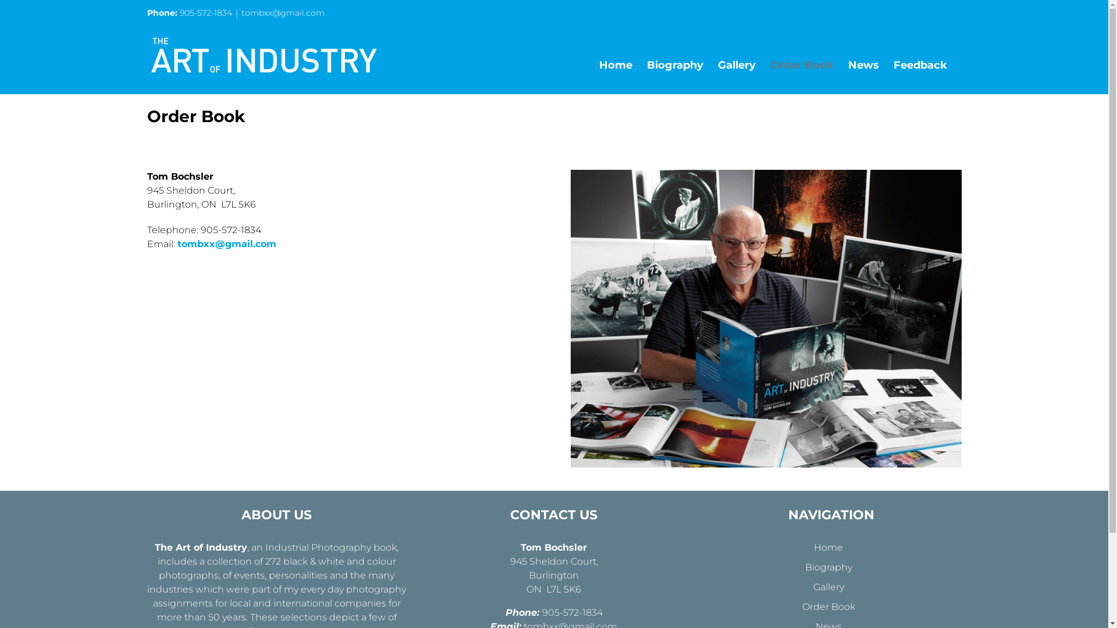 The width and height of the screenshot is (1117, 628). Describe the element at coordinates (801, 65) in the screenshot. I see `'Order Book'` at that location.